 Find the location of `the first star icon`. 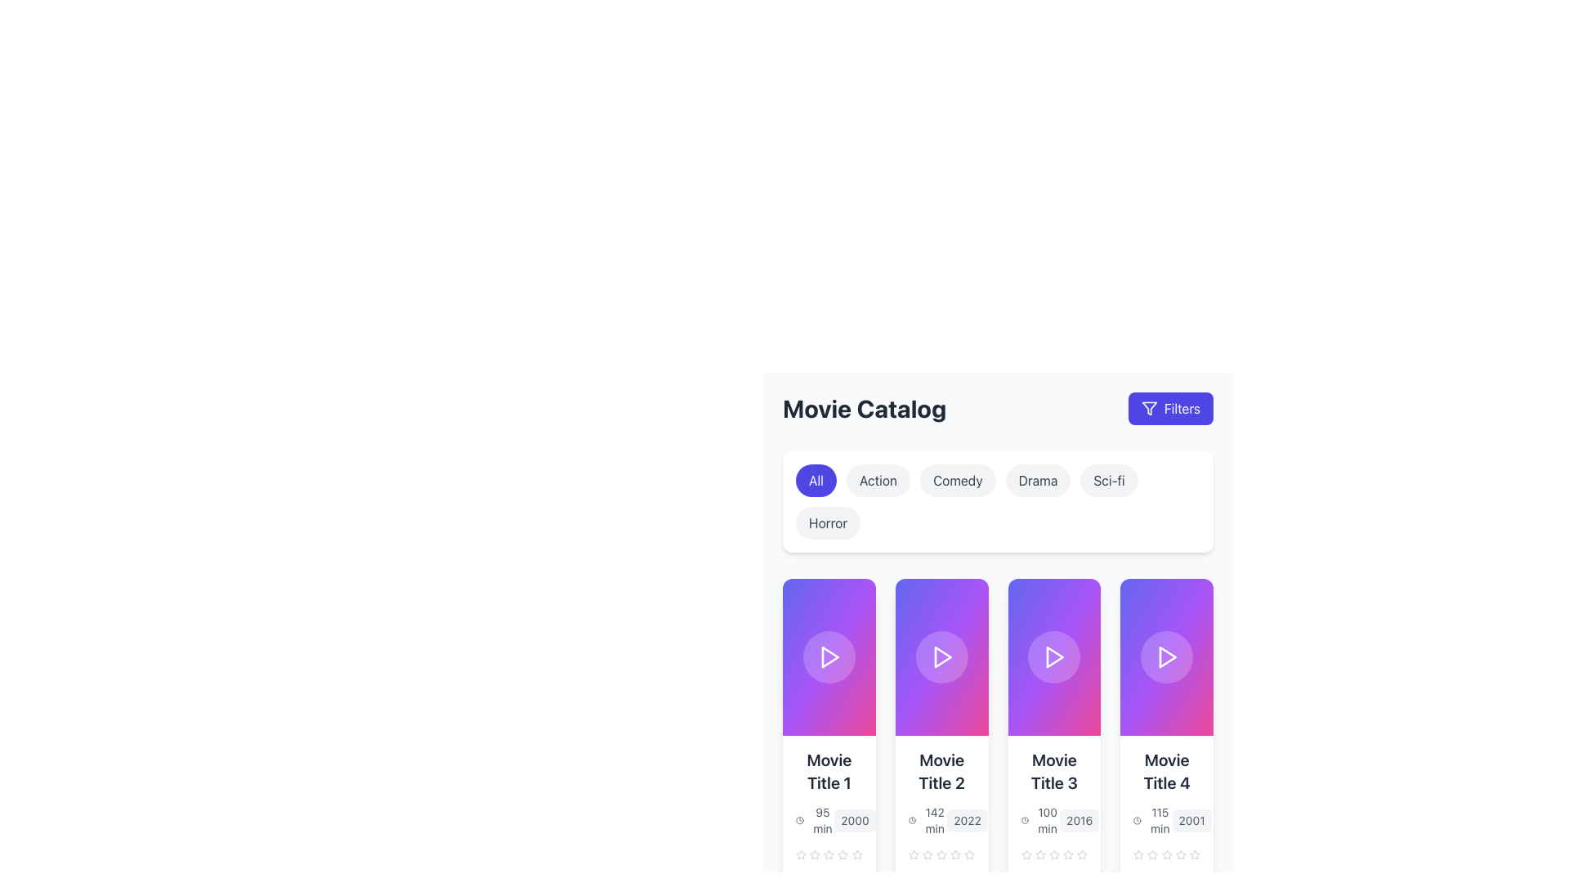

the first star icon is located at coordinates (1026, 854).